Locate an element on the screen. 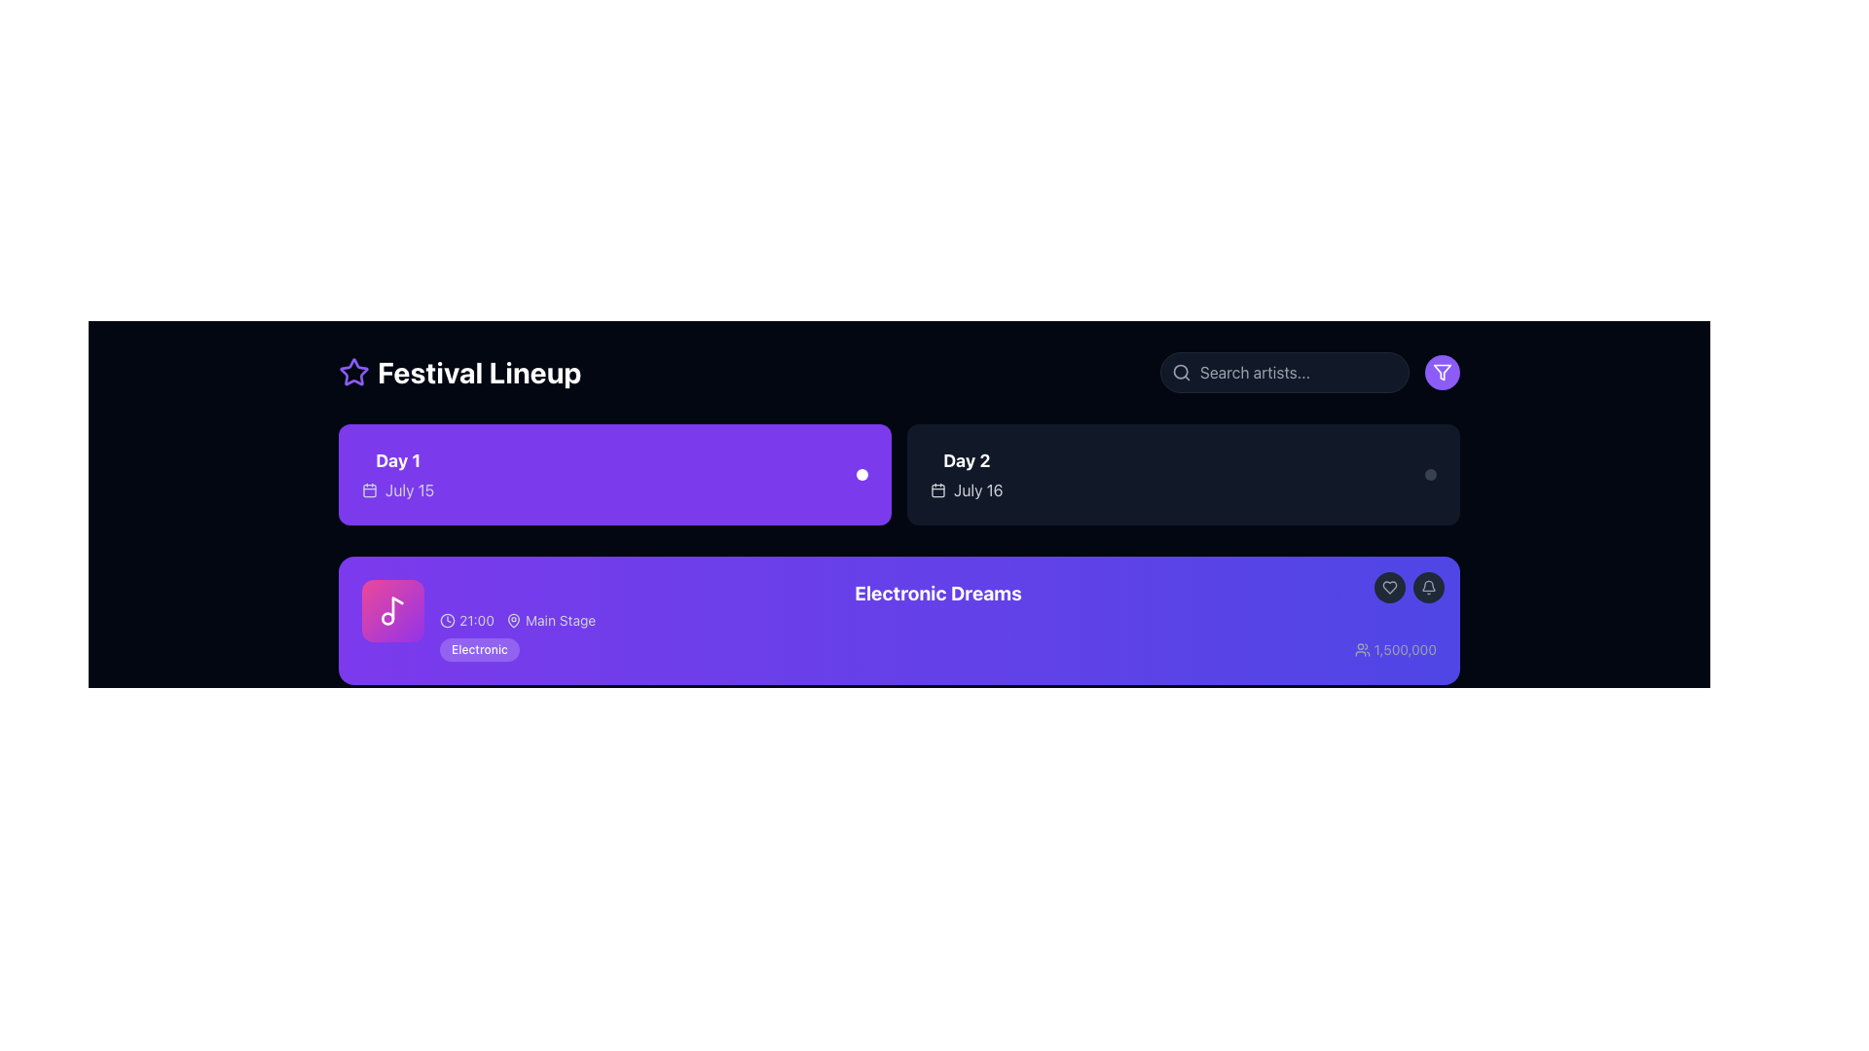  the square icon featuring a white music note is located at coordinates (391, 610).